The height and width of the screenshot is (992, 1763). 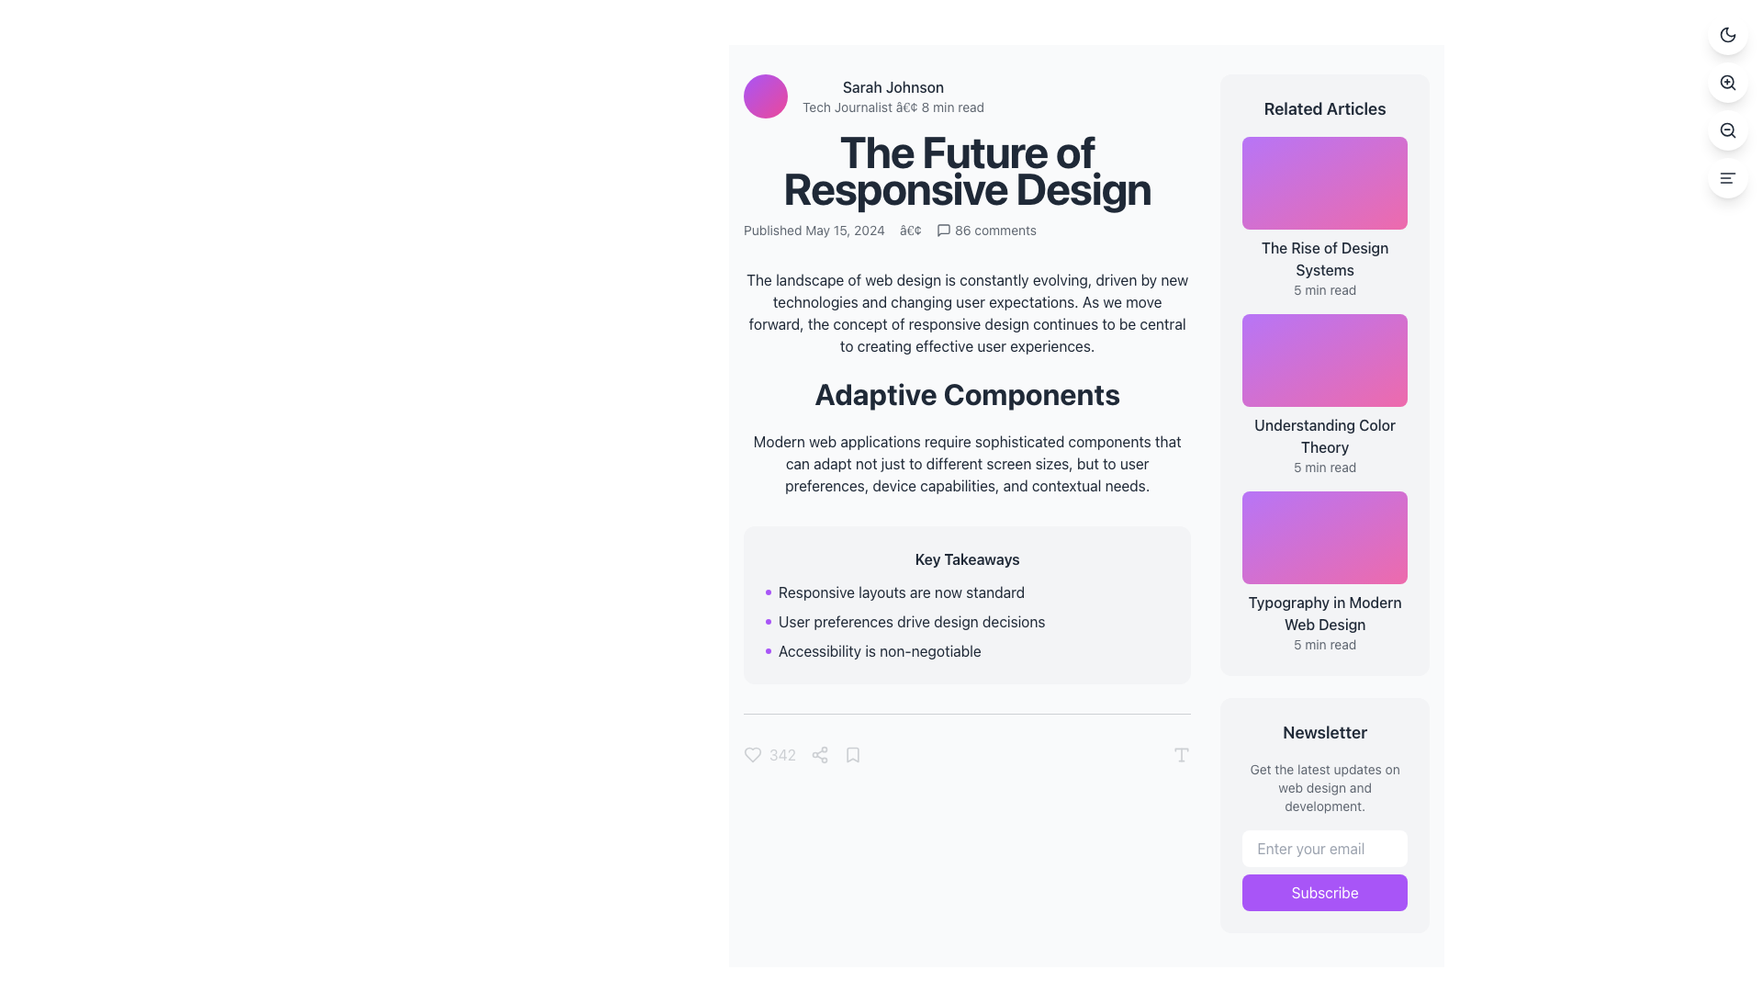 I want to click on the '5 min read' text label, which is located below the title 'Typography in Modern Web Design' and is the last item in the 'Related Articles' column, so click(x=1325, y=644).